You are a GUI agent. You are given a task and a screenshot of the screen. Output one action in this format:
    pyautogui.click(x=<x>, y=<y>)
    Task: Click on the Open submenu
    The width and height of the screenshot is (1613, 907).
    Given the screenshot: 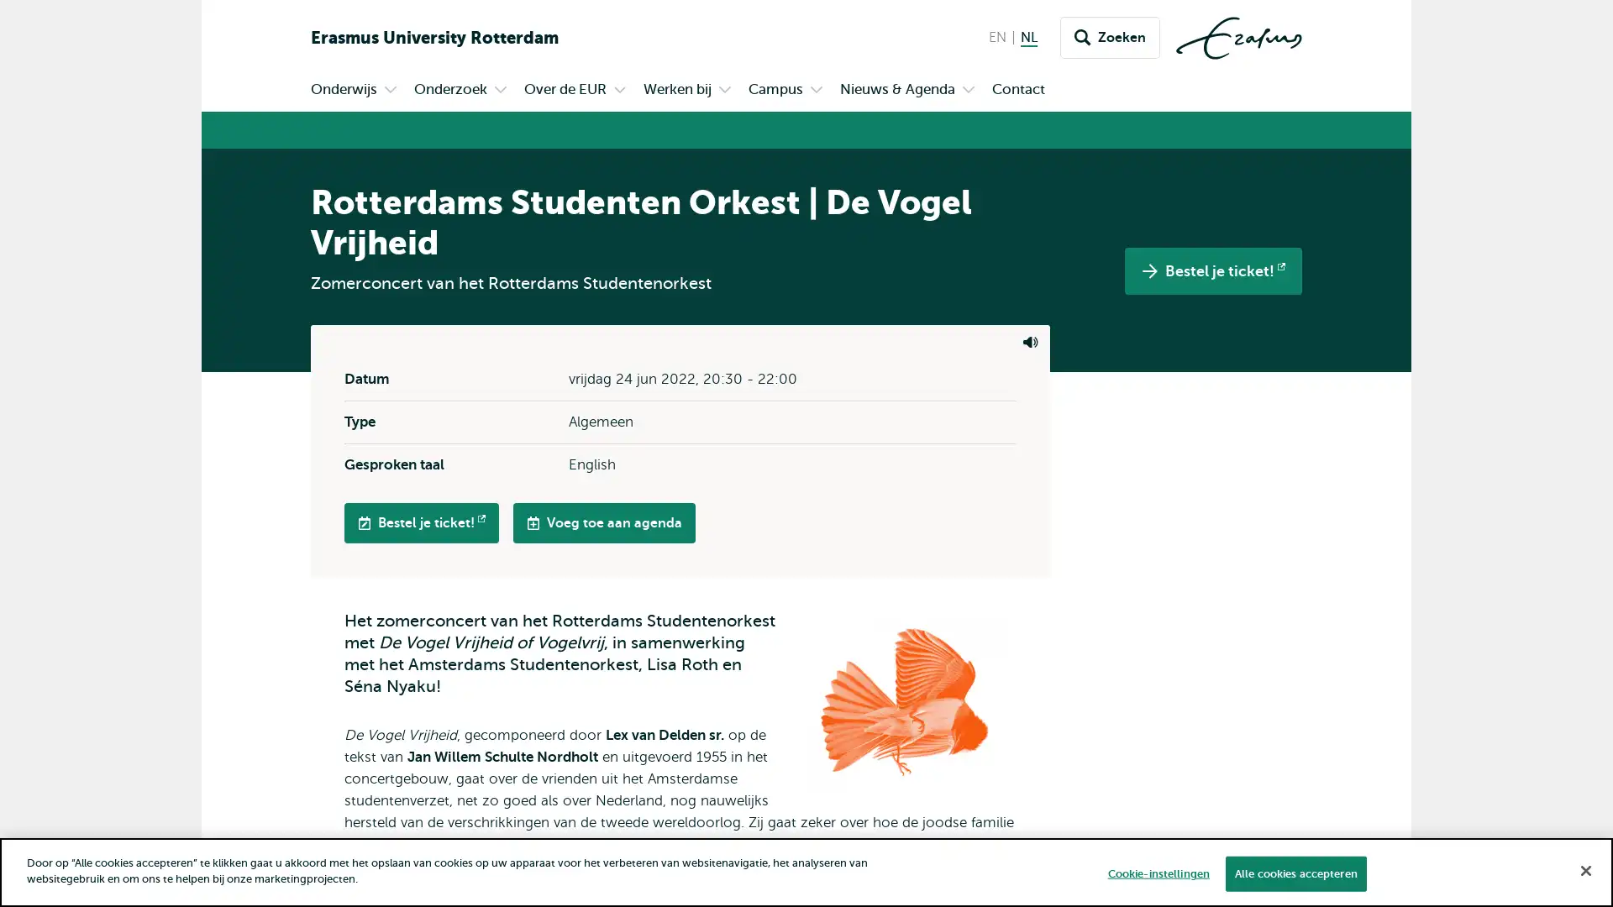 What is the action you would take?
    pyautogui.click(x=816, y=91)
    